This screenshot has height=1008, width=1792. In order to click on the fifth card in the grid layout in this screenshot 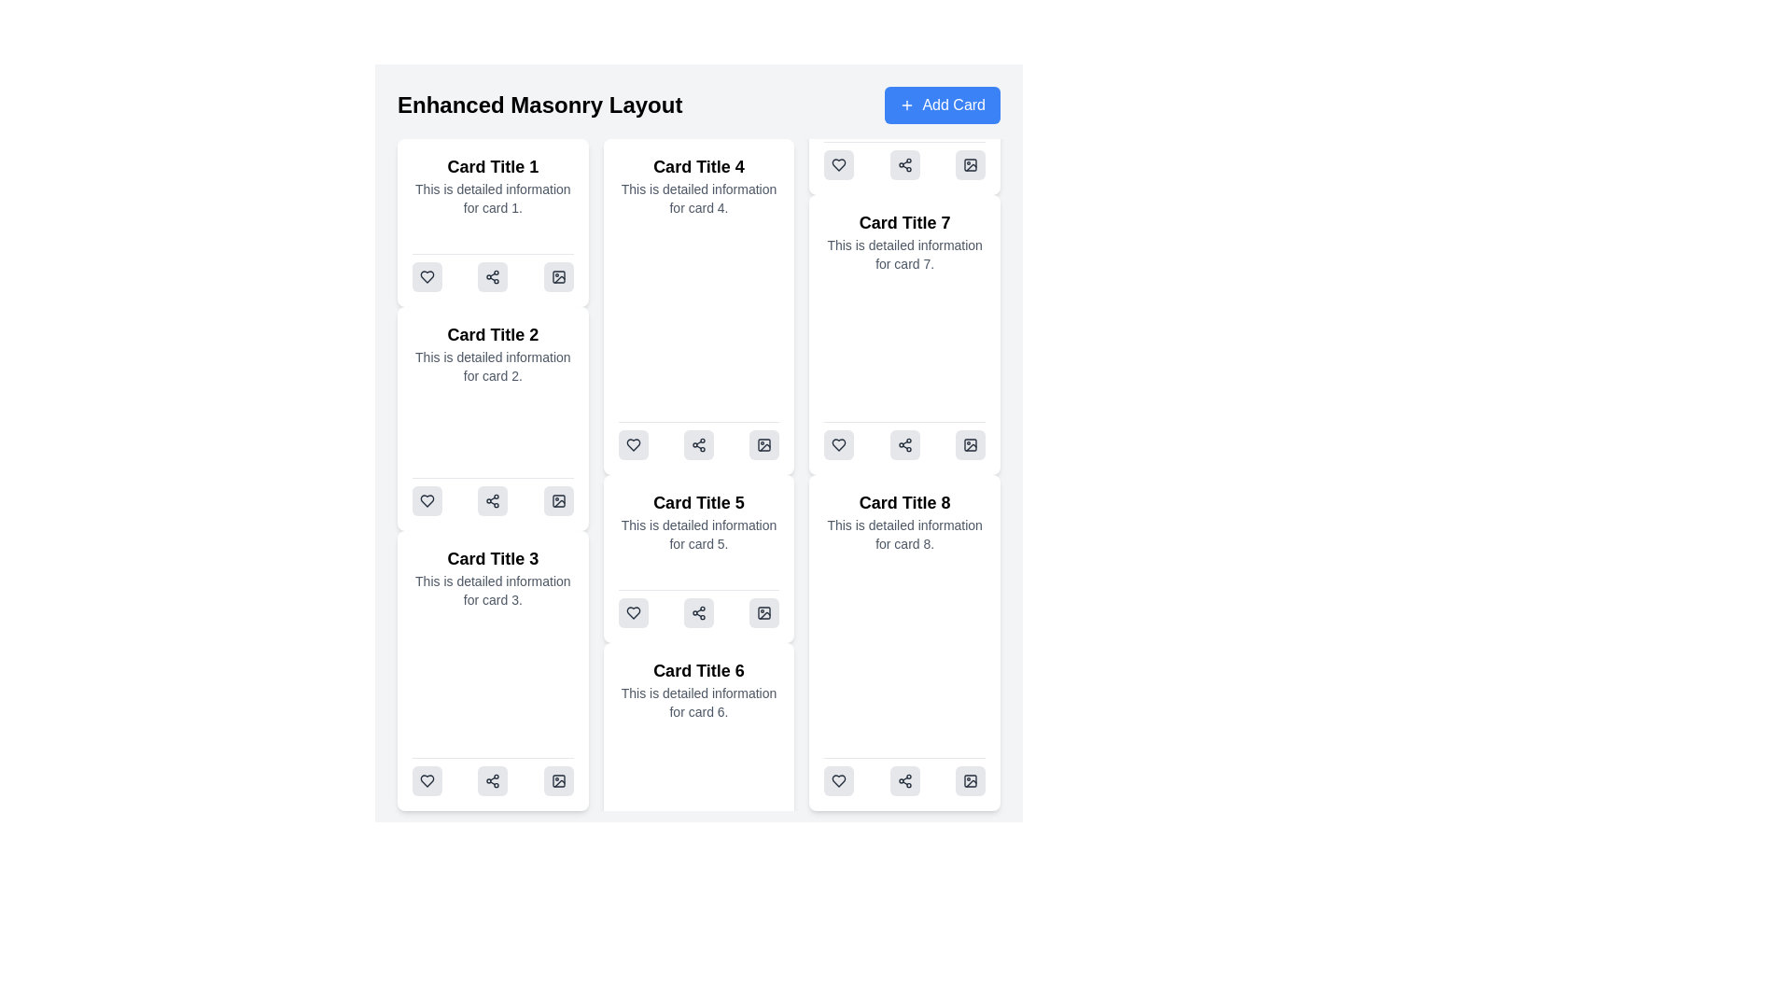, I will do `click(697, 557)`.